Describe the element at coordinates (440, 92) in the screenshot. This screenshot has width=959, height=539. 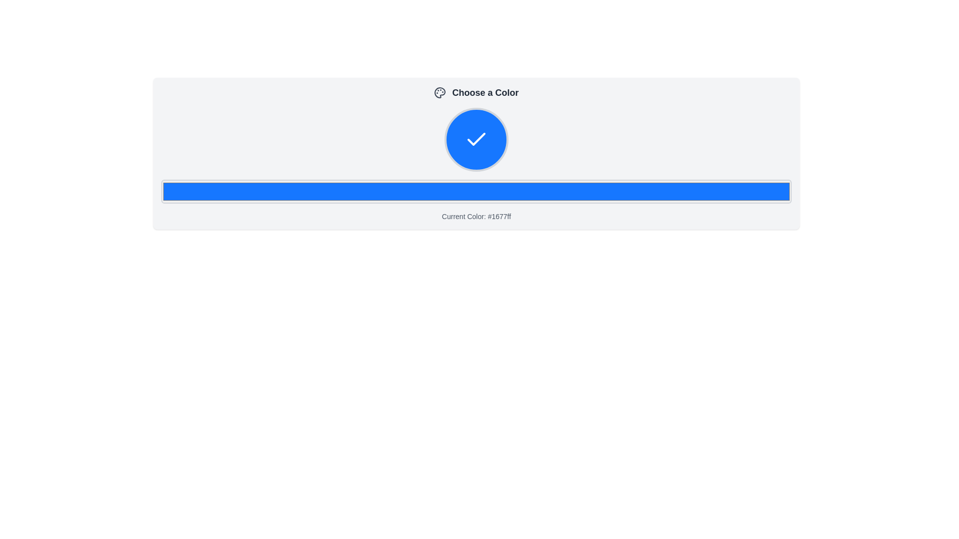
I see `the SVG icon representing an artistic palette located at the top center of the interface, above the larger circular blue button labeled with a checkmark` at that location.